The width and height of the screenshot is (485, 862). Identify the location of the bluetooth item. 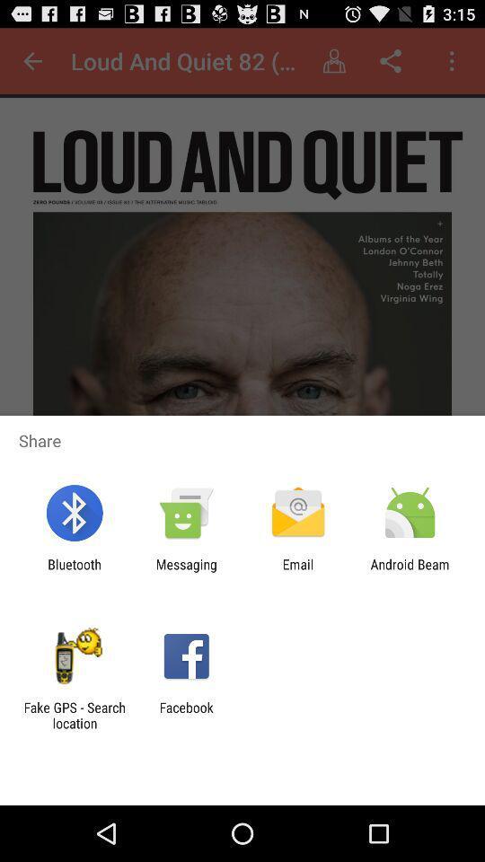
(74, 571).